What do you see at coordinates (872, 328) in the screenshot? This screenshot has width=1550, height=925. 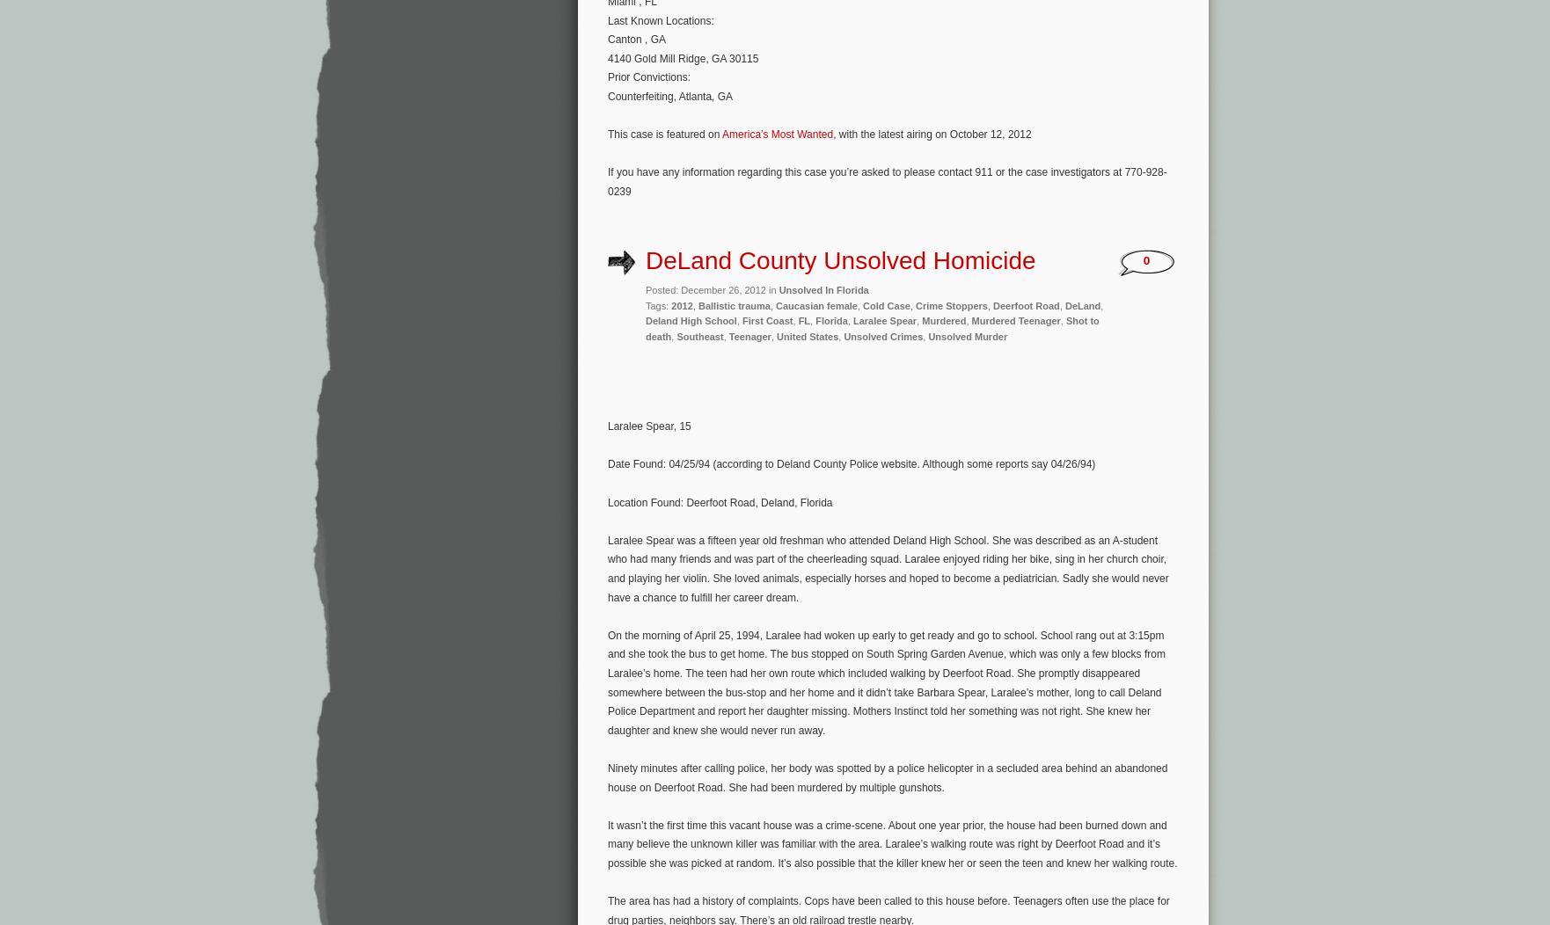 I see `'Shot to death'` at bounding box center [872, 328].